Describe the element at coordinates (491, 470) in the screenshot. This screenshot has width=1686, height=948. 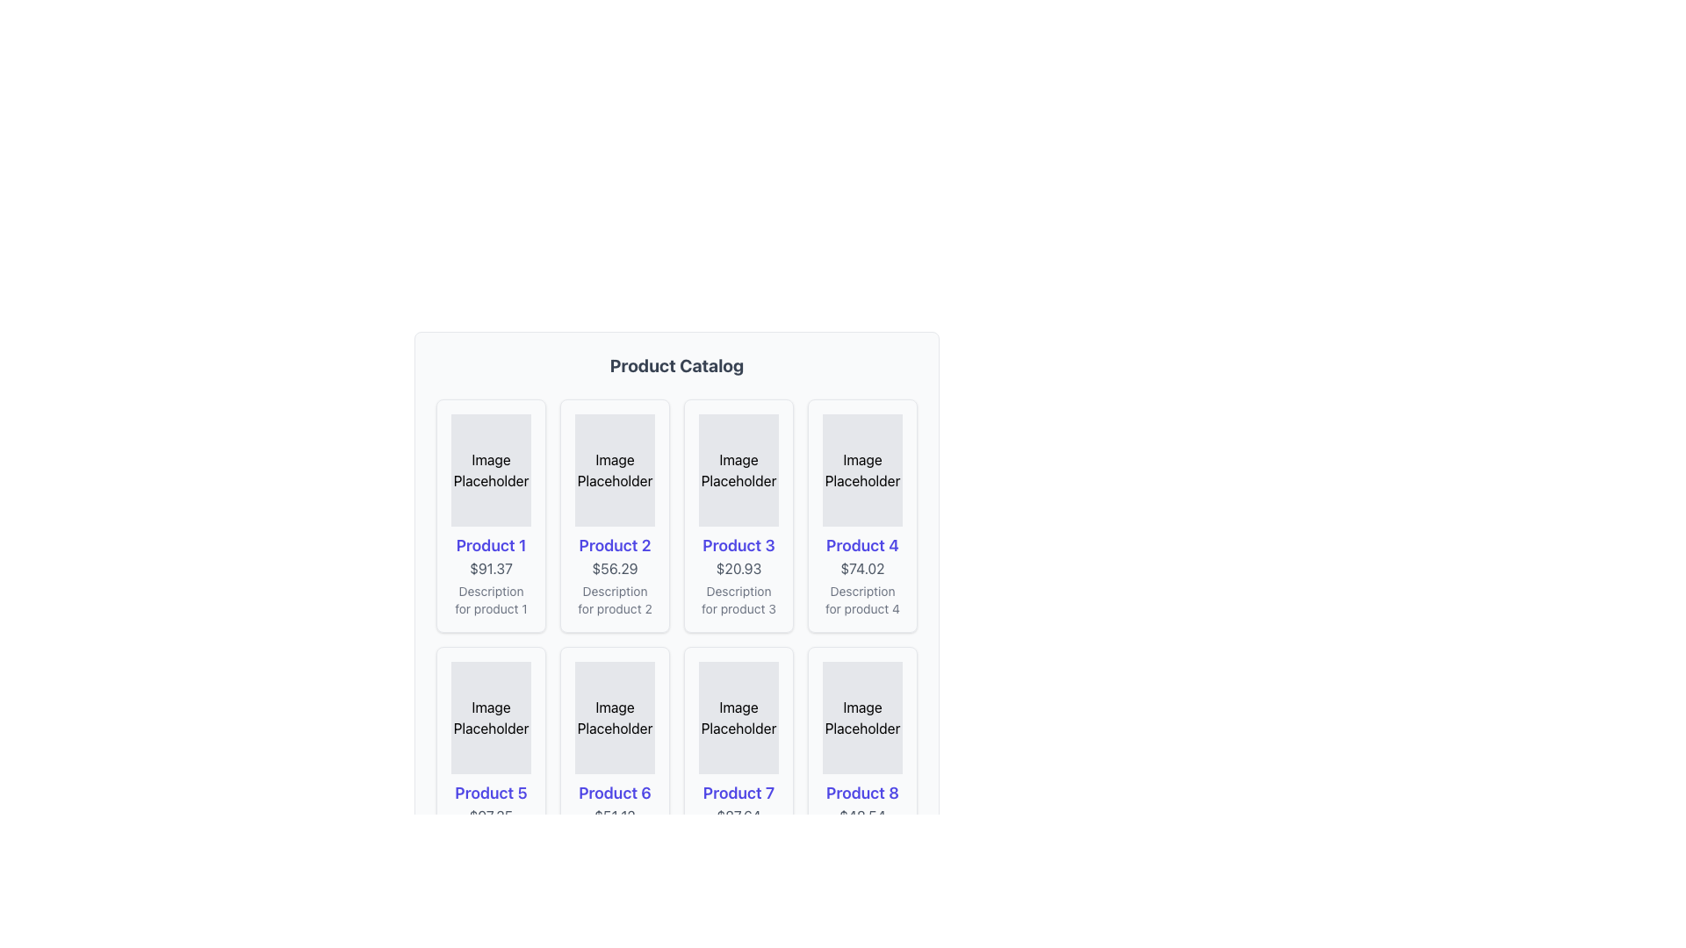
I see `the first image placeholder in the grid layout under 'Product Catalog', positioned above 'Product 1'` at that location.